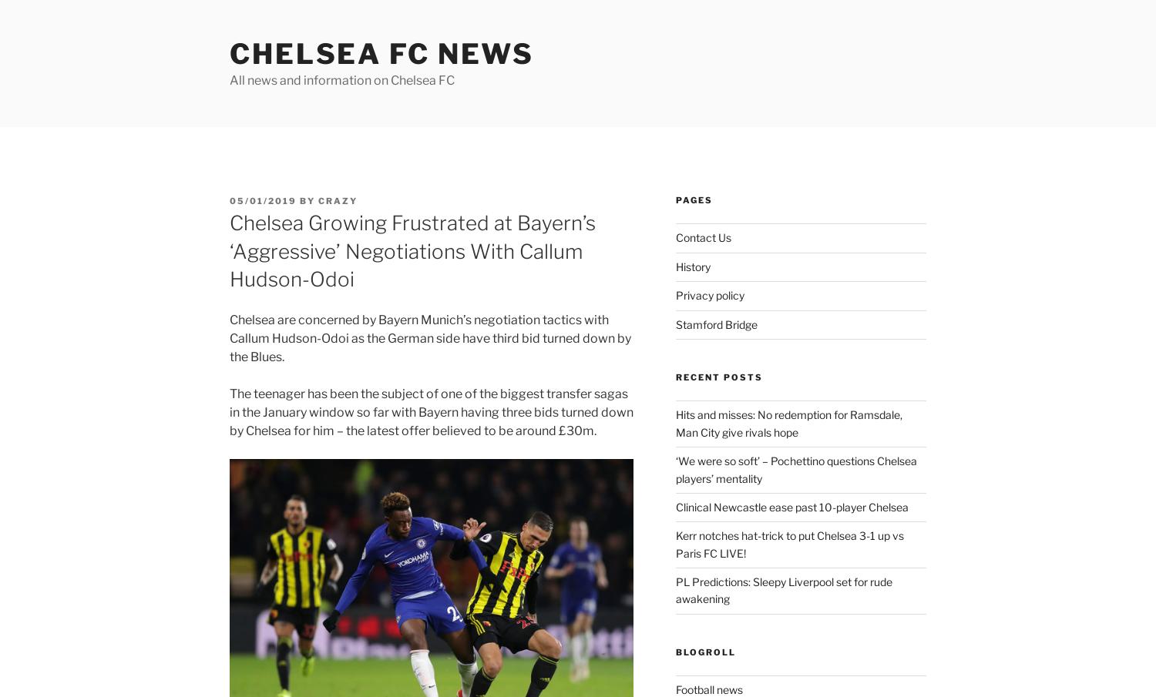 The height and width of the screenshot is (697, 1156). What do you see at coordinates (703, 236) in the screenshot?
I see `'Contact Us'` at bounding box center [703, 236].